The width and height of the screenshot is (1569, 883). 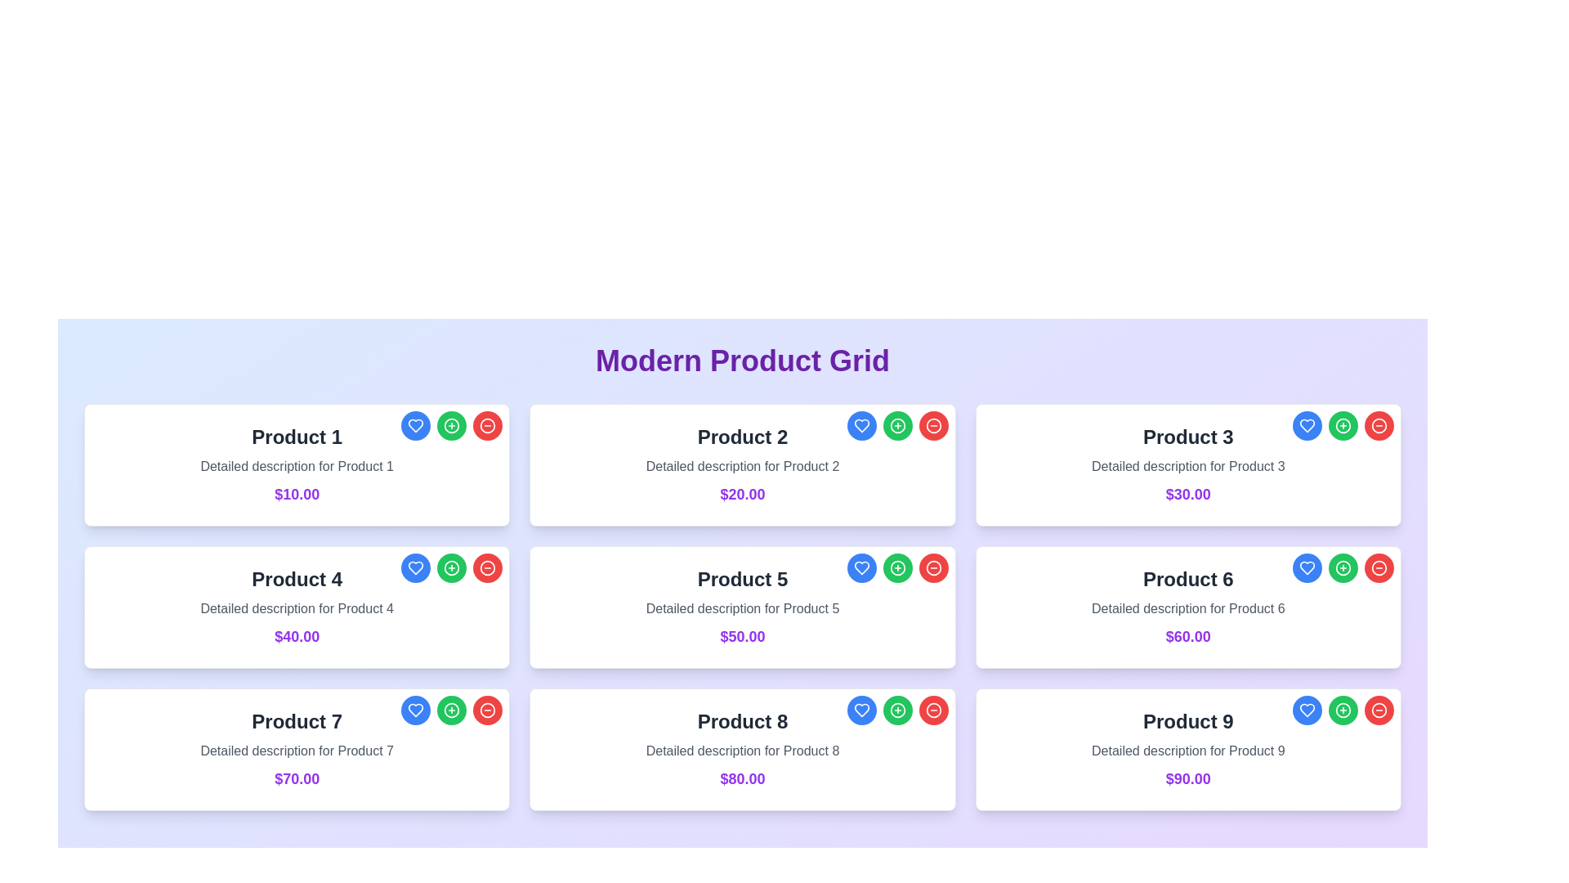 I want to click on the remove button located in the top-right corner of the card labeled 'Product 3', so click(x=1379, y=424).